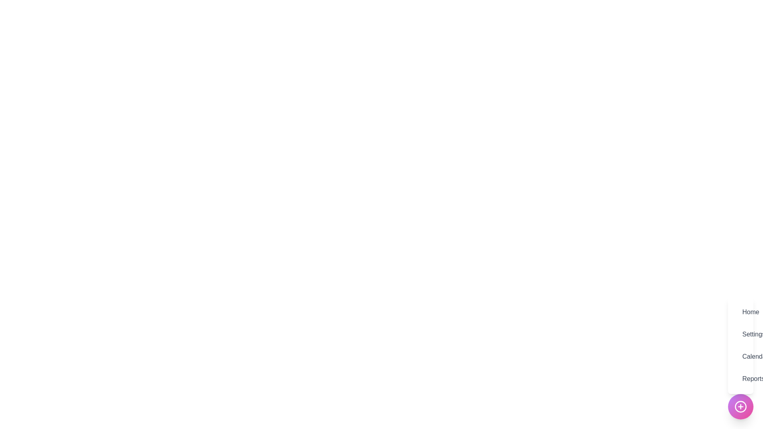 The height and width of the screenshot is (429, 763). Describe the element at coordinates (740, 312) in the screenshot. I see `the menu item Home to select it` at that location.